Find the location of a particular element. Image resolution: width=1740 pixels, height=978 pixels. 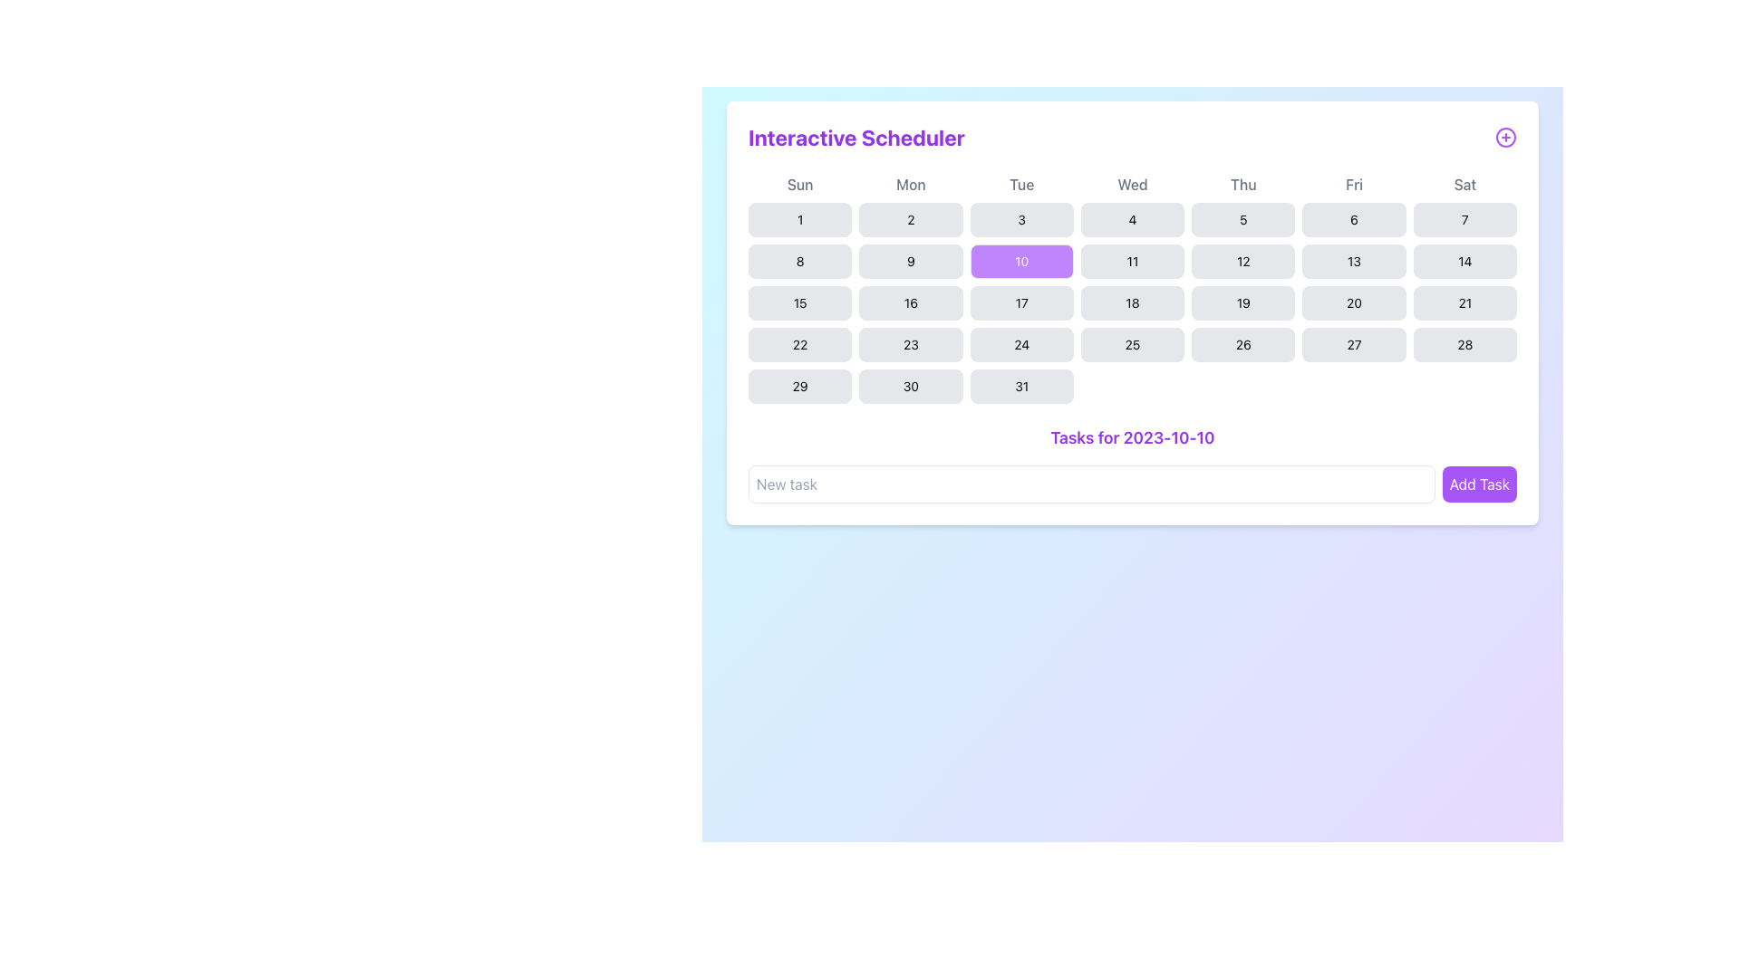

the rectangular button with rounded corners, labeled '8', located in the second row and first column of the calendar grid below 'Sun' is located at coordinates (799, 262).